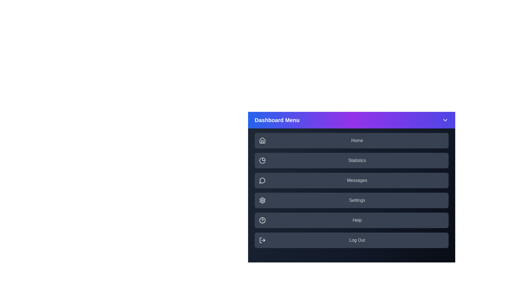  I want to click on the icon corresponding to the menu item Settings, so click(262, 200).